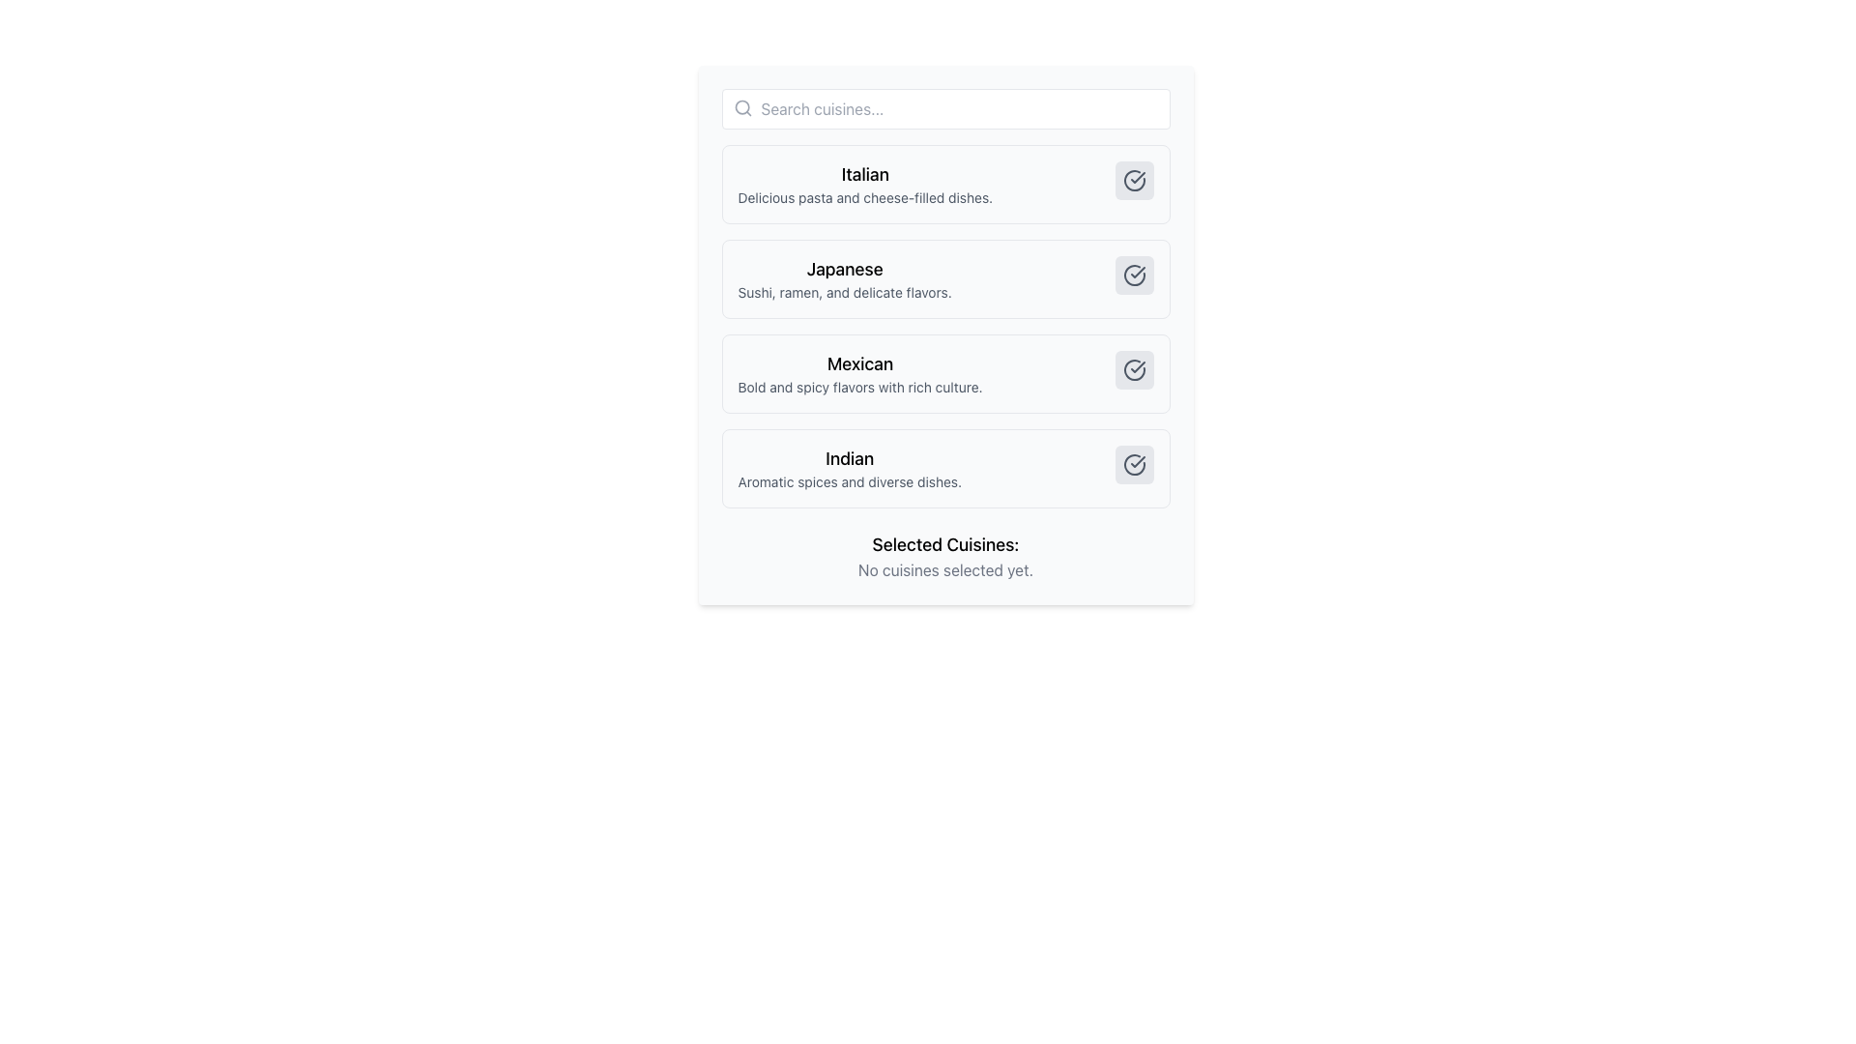 The image size is (1856, 1044). I want to click on the checked-circle icon located to the right of the 'Mexican' cuisine option, so click(1134, 369).